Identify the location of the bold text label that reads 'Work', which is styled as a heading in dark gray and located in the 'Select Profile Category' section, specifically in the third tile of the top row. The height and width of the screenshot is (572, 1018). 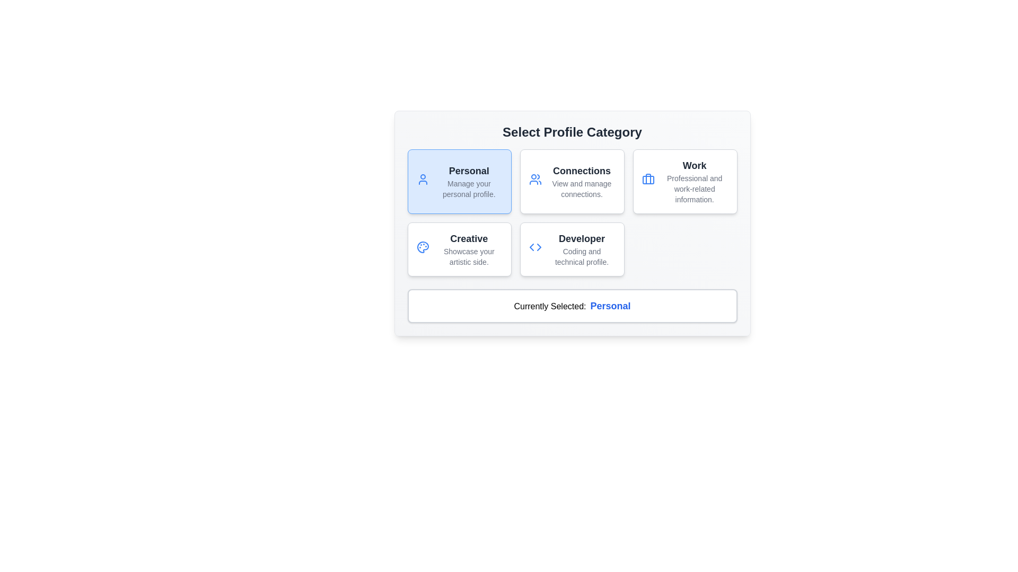
(695, 165).